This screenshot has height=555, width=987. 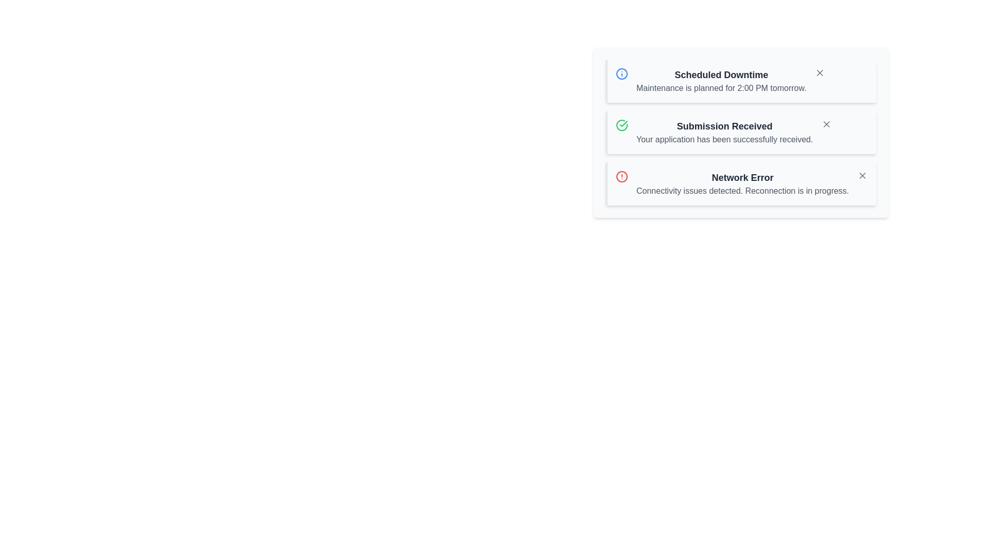 I want to click on bold, large-sized text displaying 'Network Error' located at the top of the notification panel indicating a connectivity issue, so click(x=742, y=177).